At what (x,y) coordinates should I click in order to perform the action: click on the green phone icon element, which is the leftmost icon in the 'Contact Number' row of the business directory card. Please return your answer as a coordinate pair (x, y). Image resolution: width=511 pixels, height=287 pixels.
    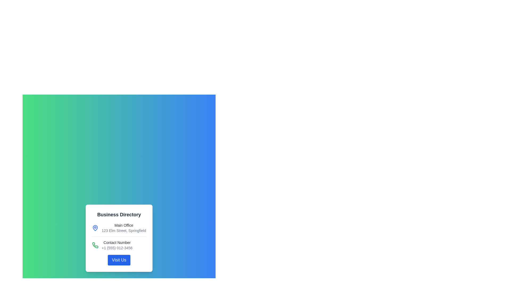
    Looking at the image, I should click on (95, 245).